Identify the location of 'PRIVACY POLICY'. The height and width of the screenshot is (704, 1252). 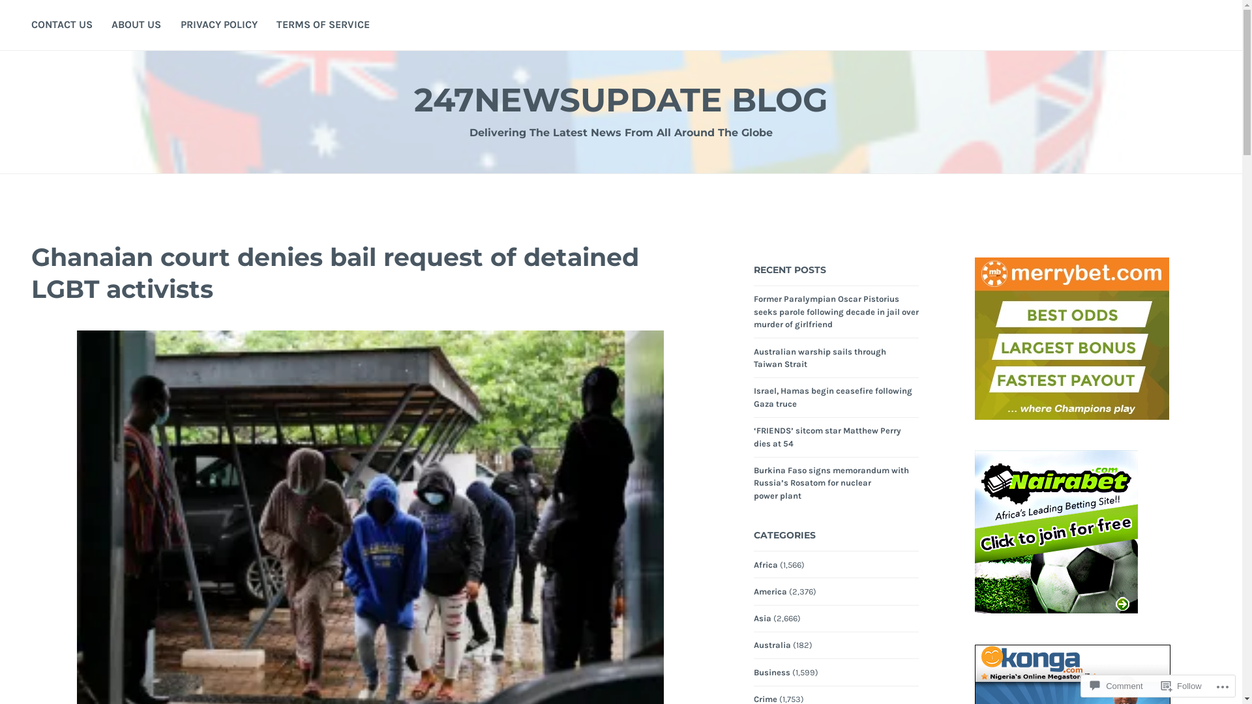
(219, 25).